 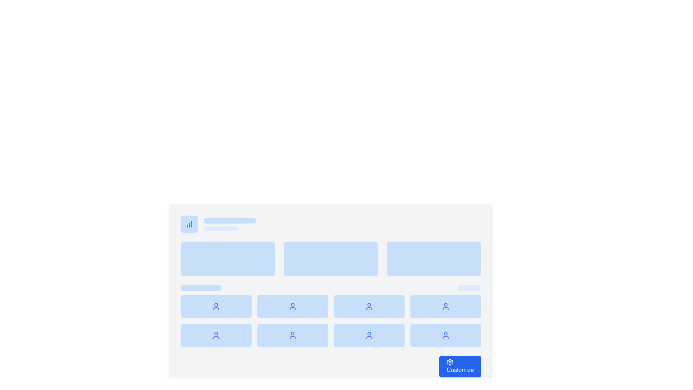 What do you see at coordinates (445, 306) in the screenshot?
I see `the fourth item in the last row of a grid layout, which is a clickable user card with a light blue background and a small blue user icon at its center` at bounding box center [445, 306].